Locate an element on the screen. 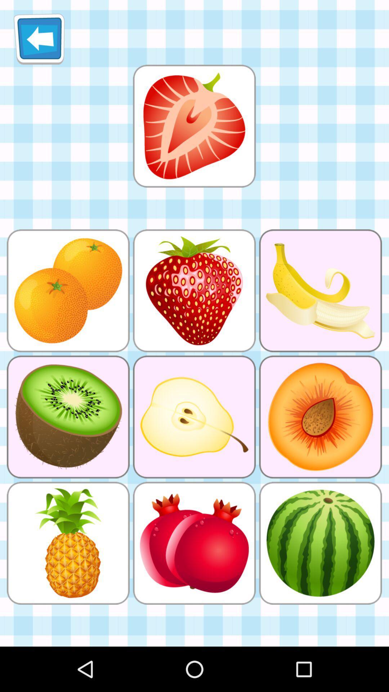  go back is located at coordinates (39, 39).